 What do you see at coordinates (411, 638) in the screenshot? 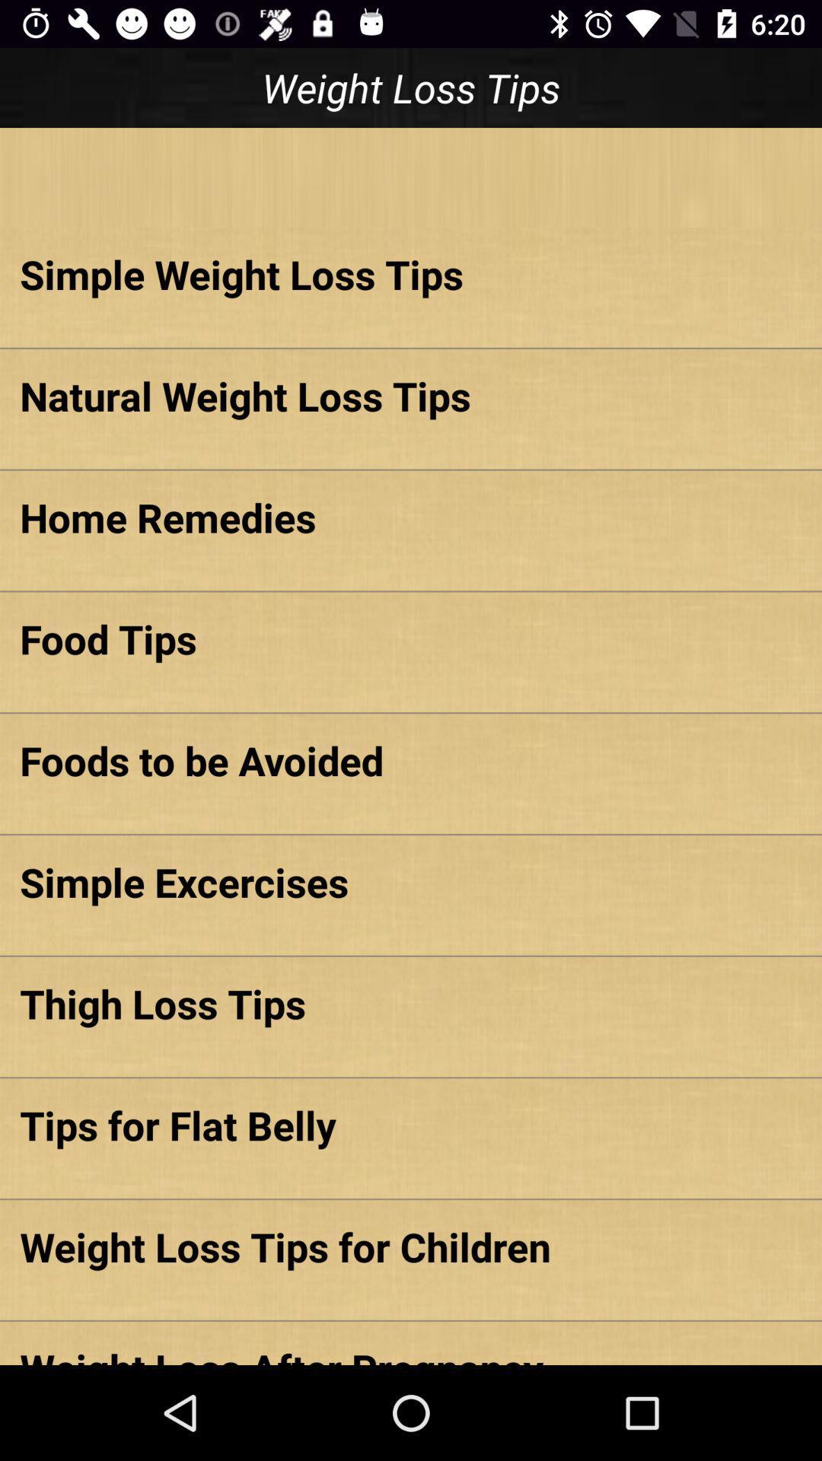
I see `food tips item` at bounding box center [411, 638].